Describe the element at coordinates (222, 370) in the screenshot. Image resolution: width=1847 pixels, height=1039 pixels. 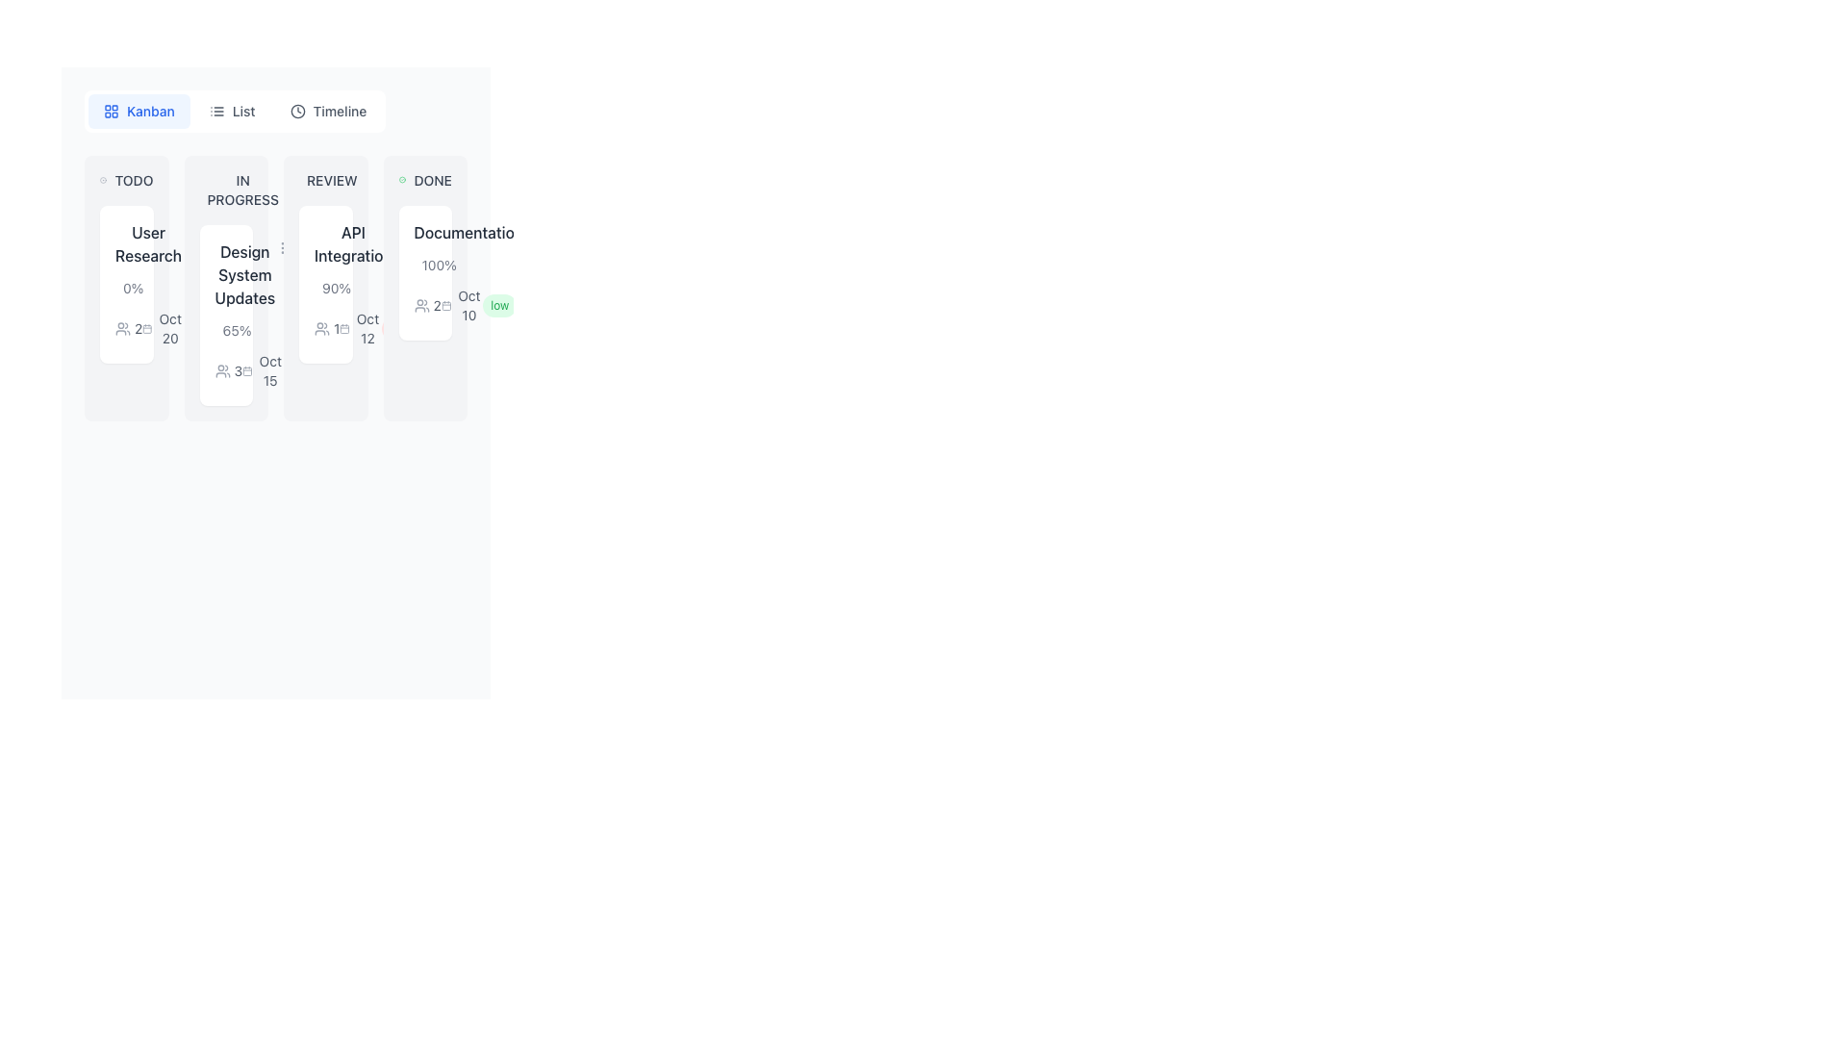
I see `the user figures icon located in the 'IN PROGRESS' section under the 'Design System Updates' card, which is on the left side of the numeric label '3'` at that location.